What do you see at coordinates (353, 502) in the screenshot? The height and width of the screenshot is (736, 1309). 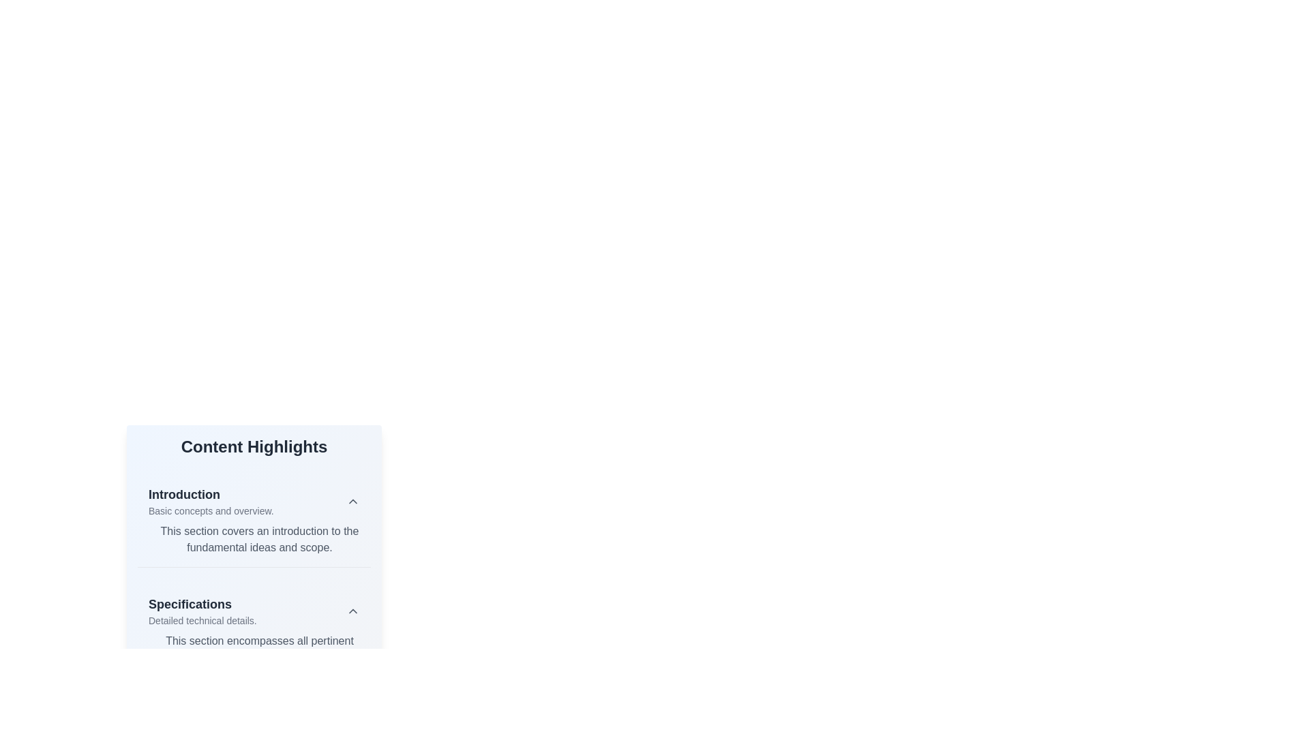 I see `the upward-facing chevron-style icon located in the top-right portion of the 'Introduction' section, next to the text 'Basic concepts and overview'` at bounding box center [353, 502].